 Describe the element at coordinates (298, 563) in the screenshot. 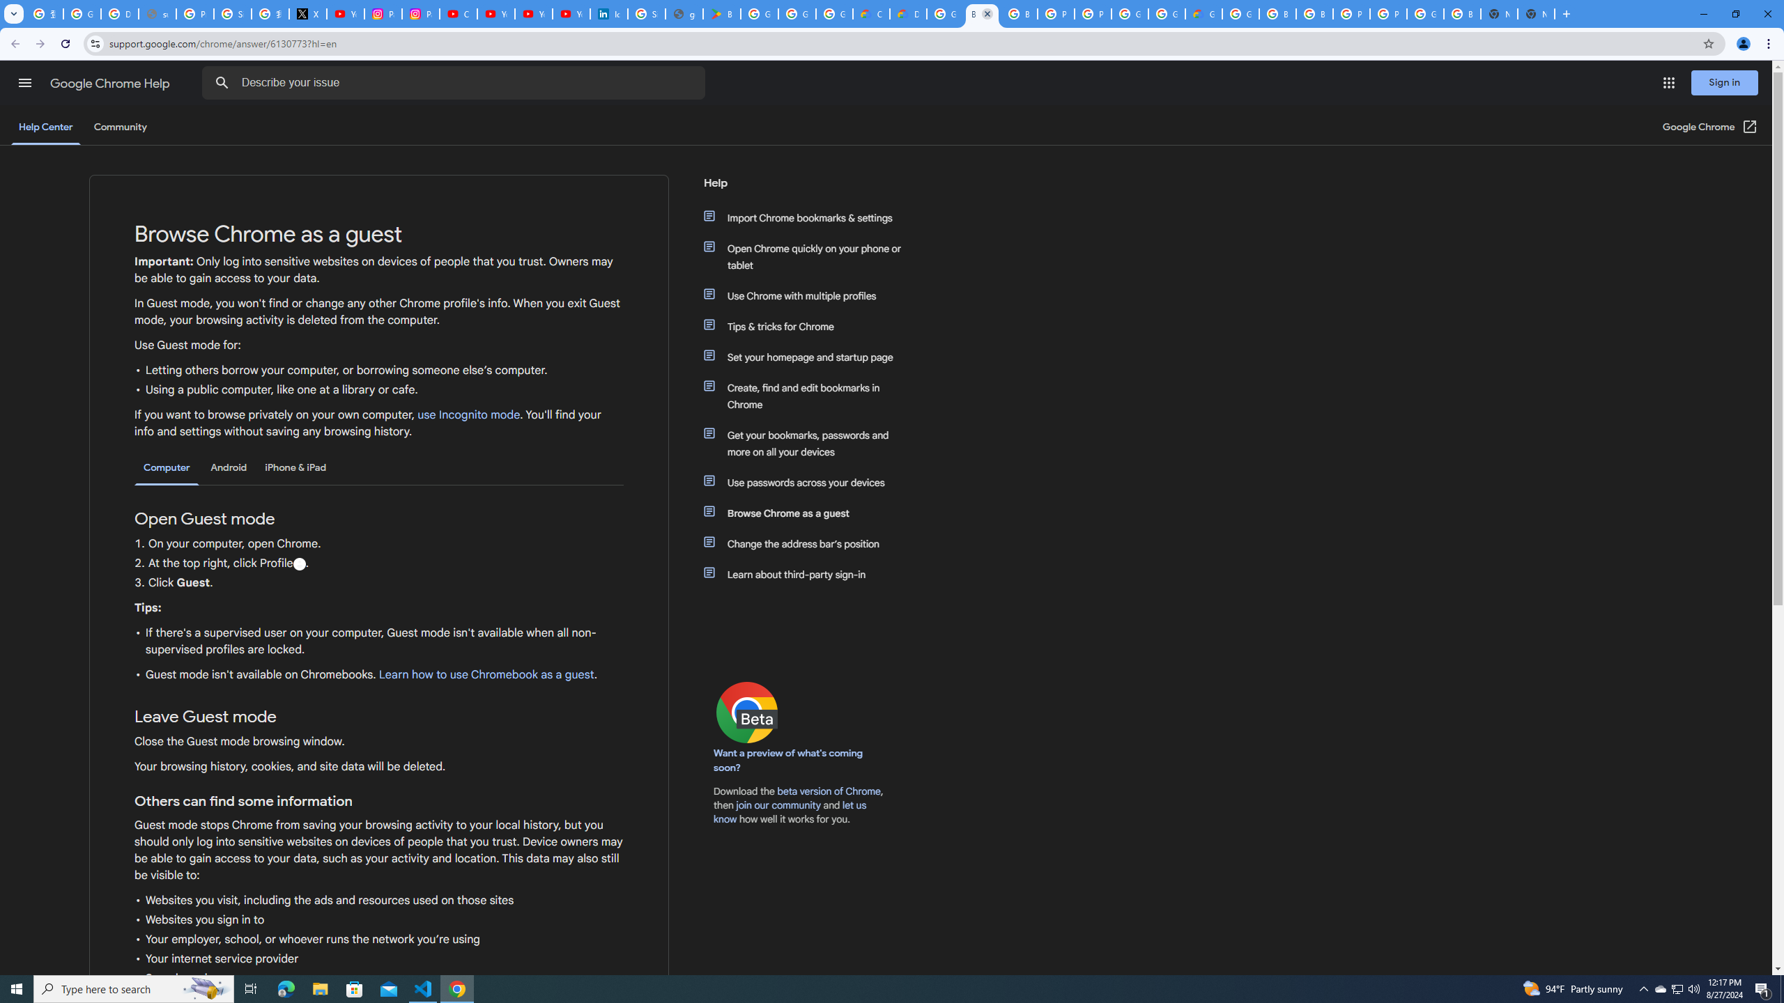

I see `'Profile'` at that location.